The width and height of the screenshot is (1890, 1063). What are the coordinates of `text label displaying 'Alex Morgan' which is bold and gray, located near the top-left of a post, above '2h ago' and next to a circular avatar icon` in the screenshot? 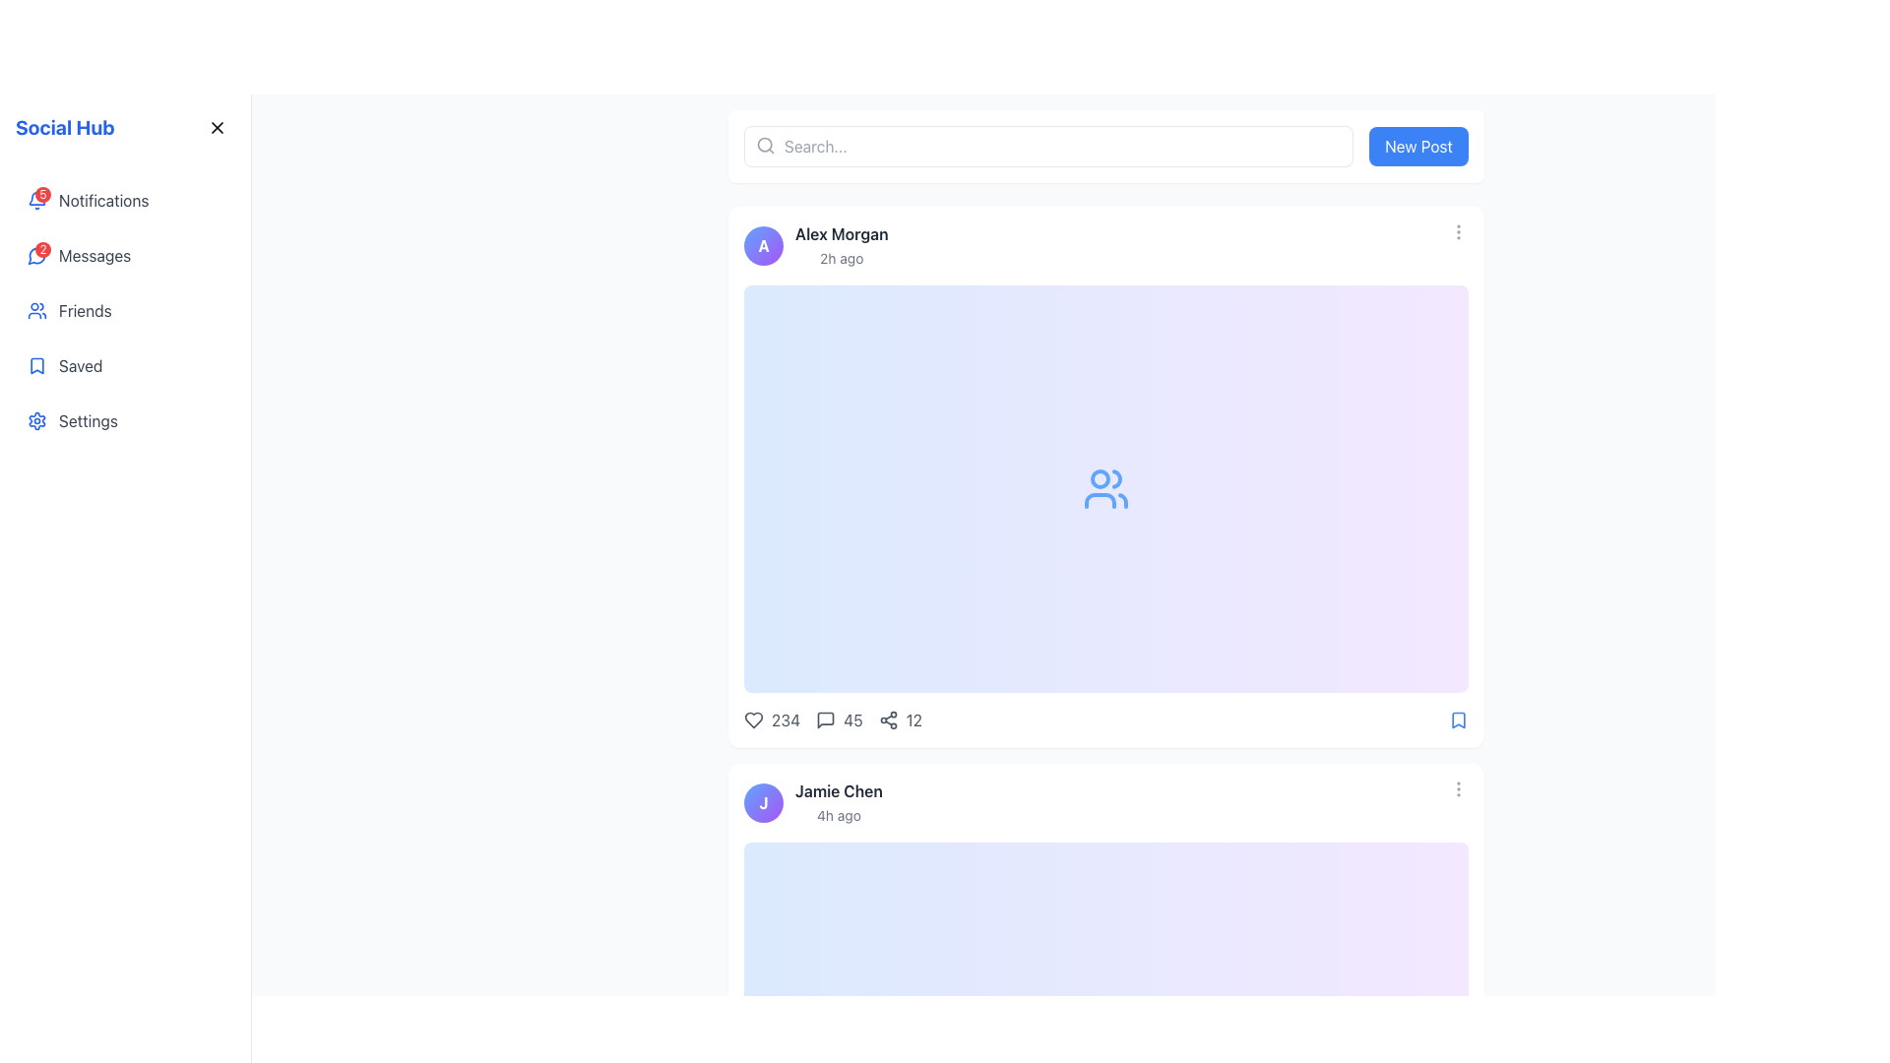 It's located at (842, 233).